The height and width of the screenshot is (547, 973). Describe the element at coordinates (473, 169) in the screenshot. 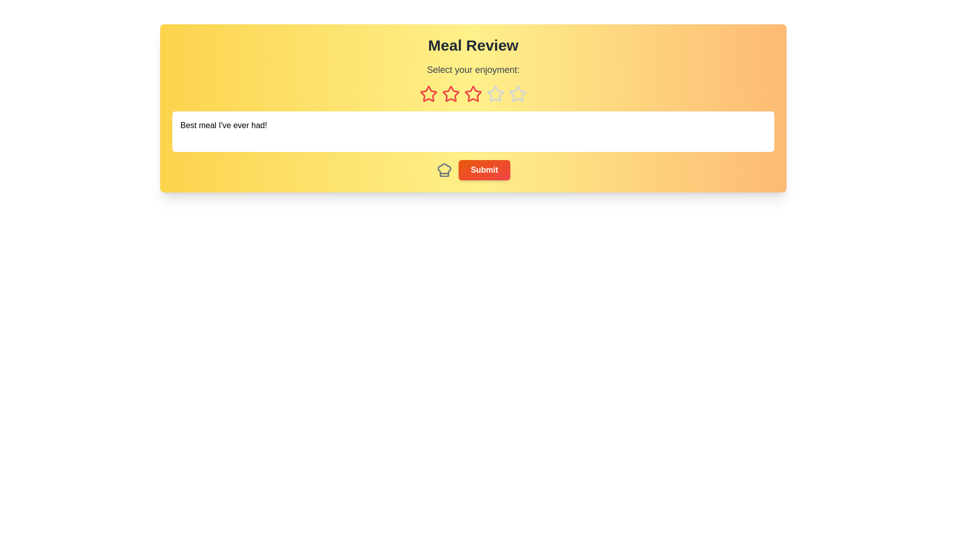

I see `the 'Submit' button, which has a gradient background from orange to red and contains the text 'Submit' in bold white font, along with a chef's hat icon on the left` at that location.